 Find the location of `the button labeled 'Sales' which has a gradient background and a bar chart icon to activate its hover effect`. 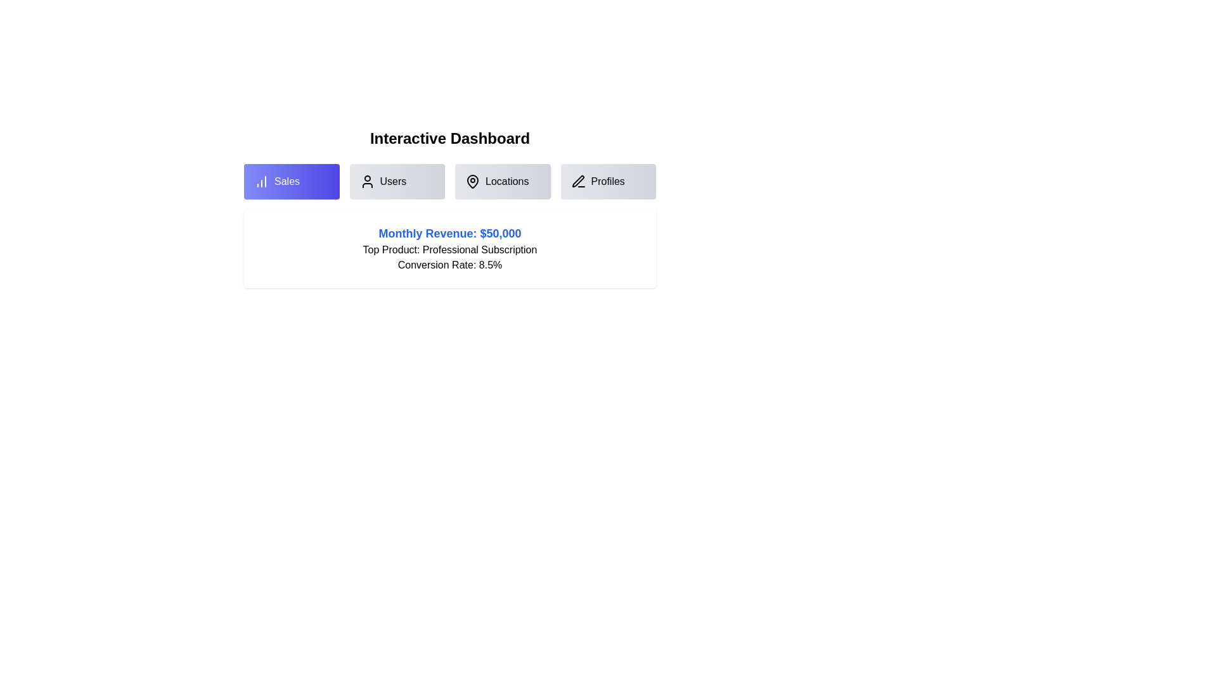

the button labeled 'Sales' which has a gradient background and a bar chart icon to activate its hover effect is located at coordinates (291, 181).